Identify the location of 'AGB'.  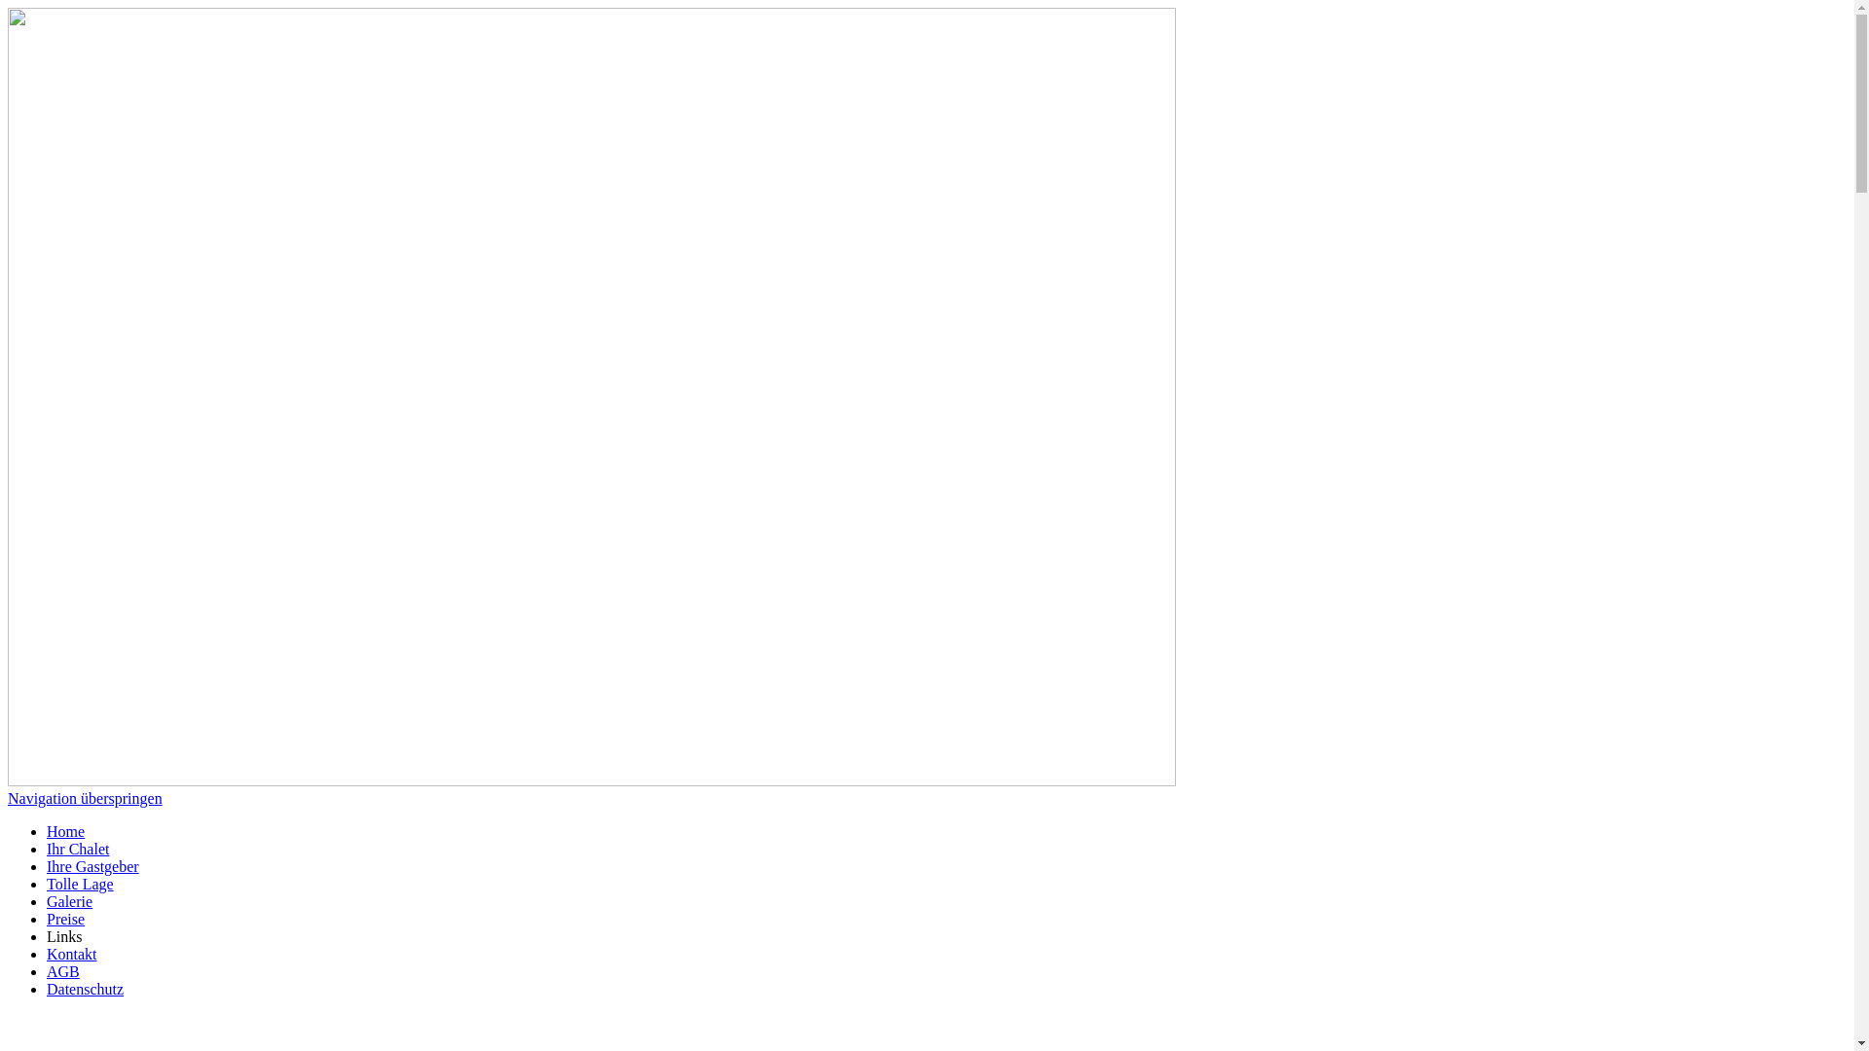
(47, 971).